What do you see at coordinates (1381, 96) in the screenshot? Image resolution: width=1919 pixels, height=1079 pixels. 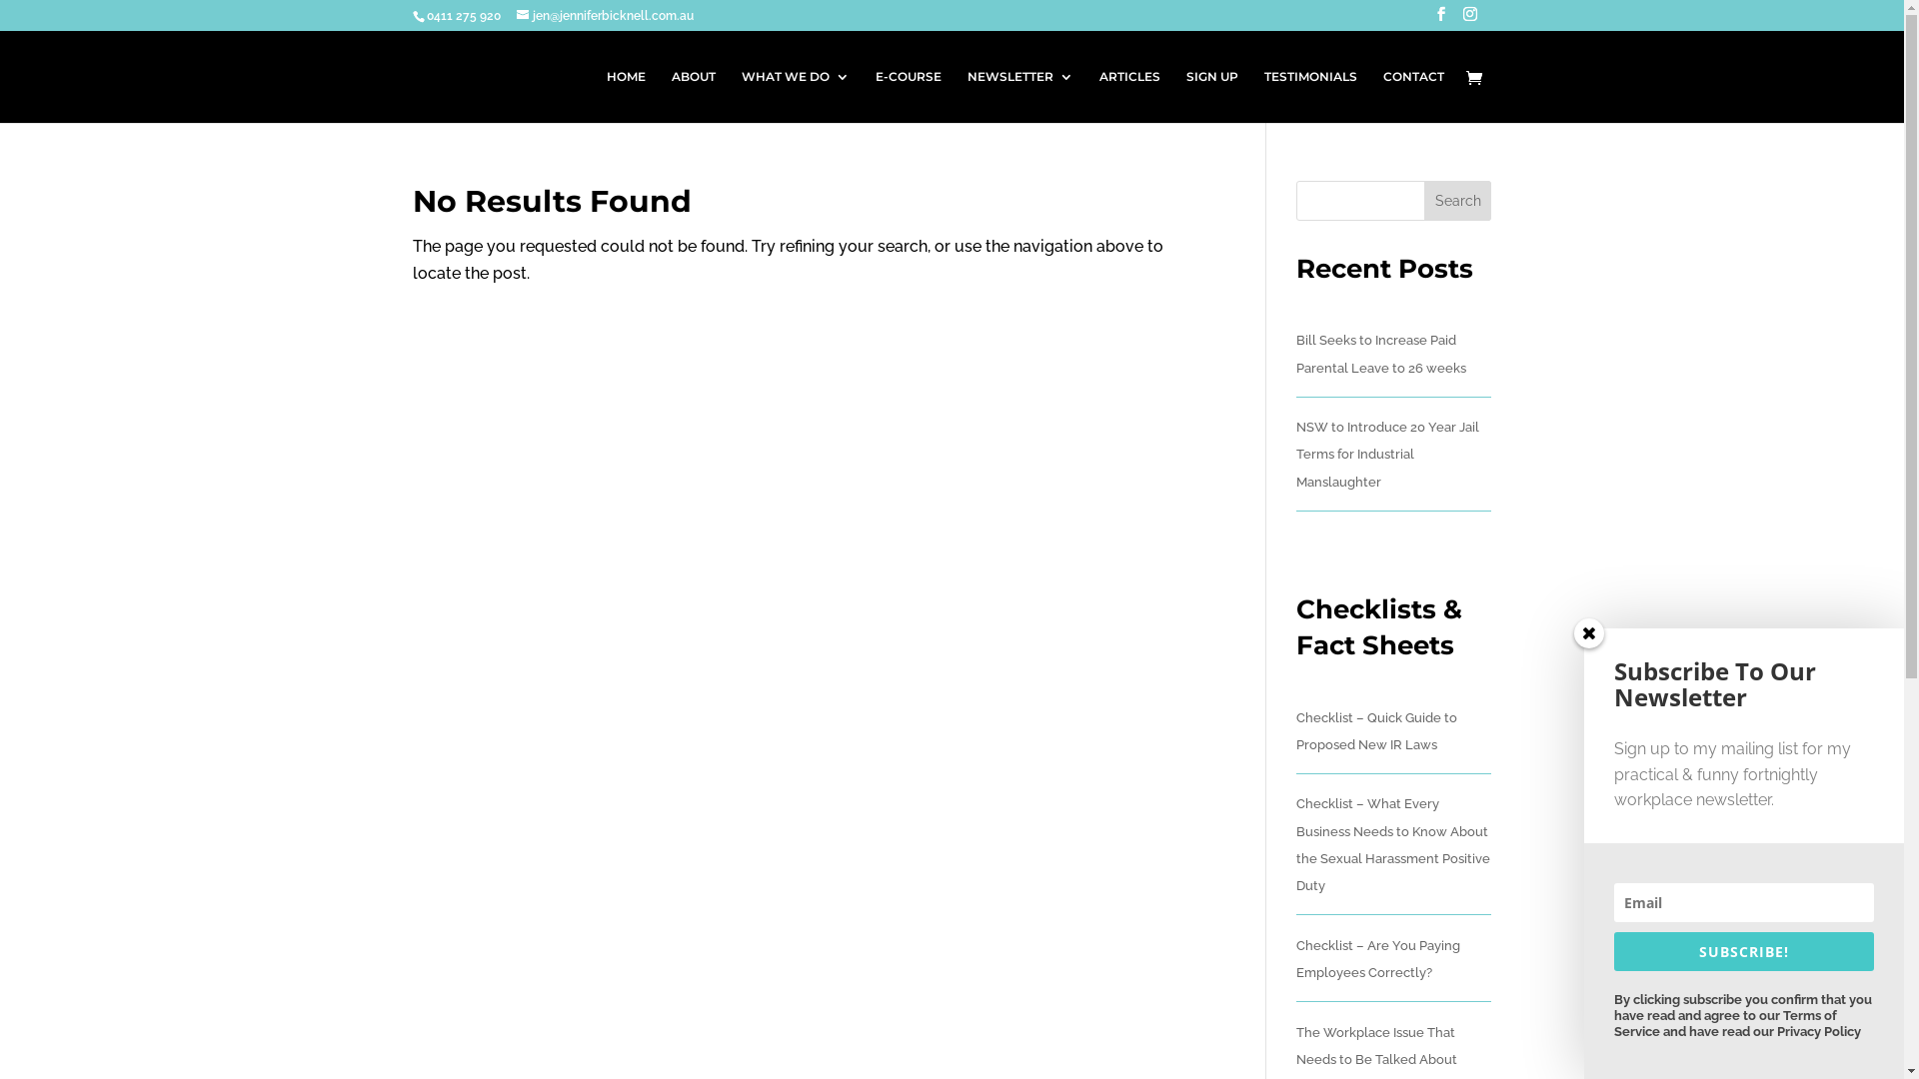 I see `'CONTACT'` at bounding box center [1381, 96].